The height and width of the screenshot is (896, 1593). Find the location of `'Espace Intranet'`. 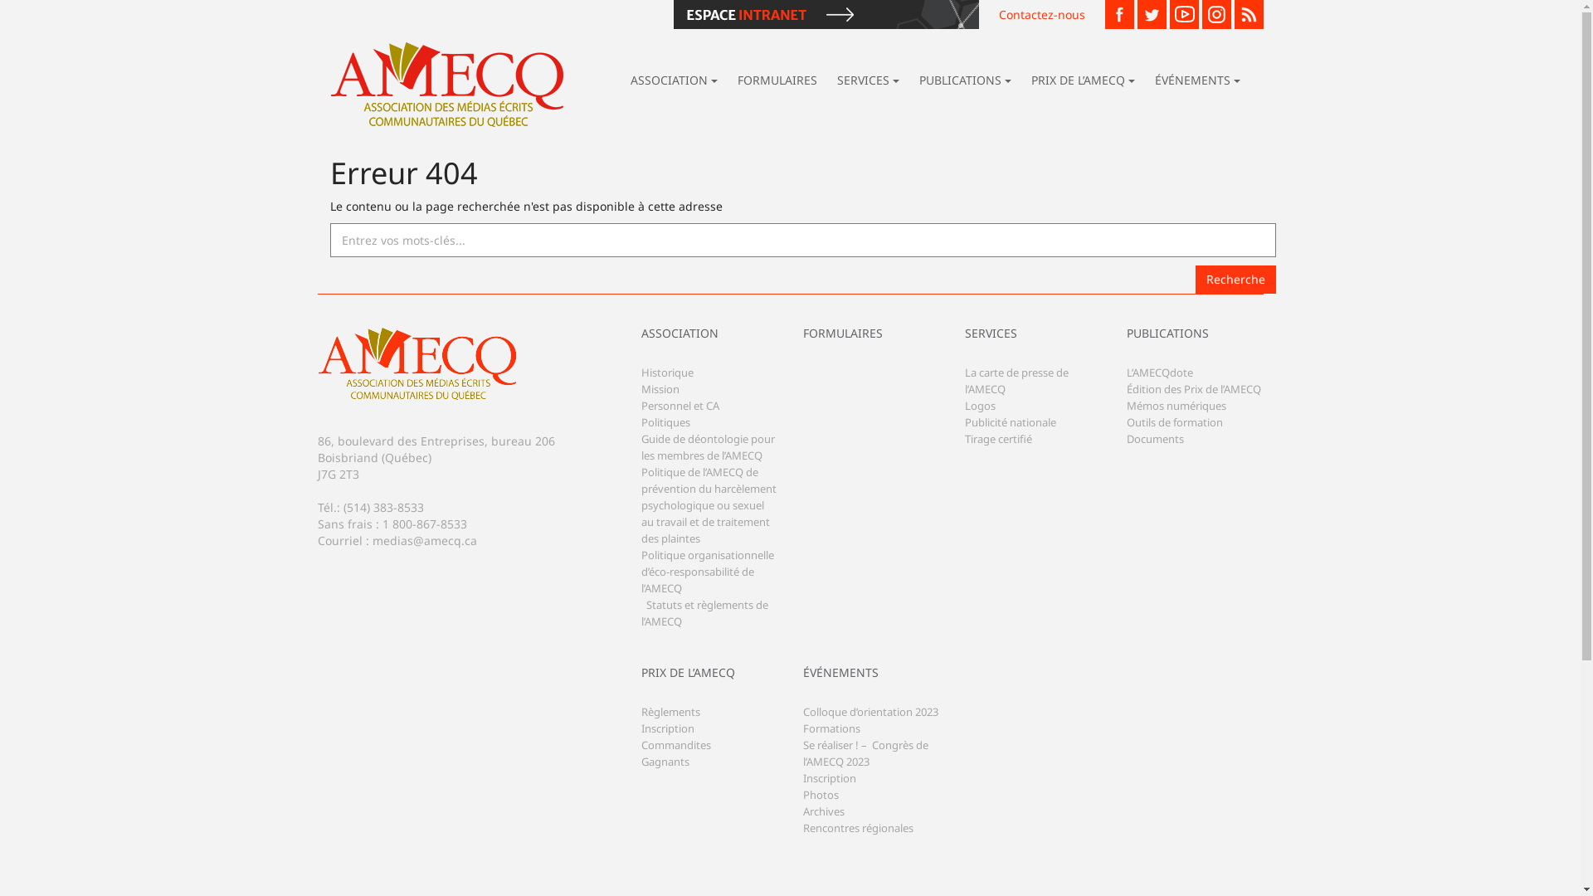

'Espace Intranet' is located at coordinates (828, 14).